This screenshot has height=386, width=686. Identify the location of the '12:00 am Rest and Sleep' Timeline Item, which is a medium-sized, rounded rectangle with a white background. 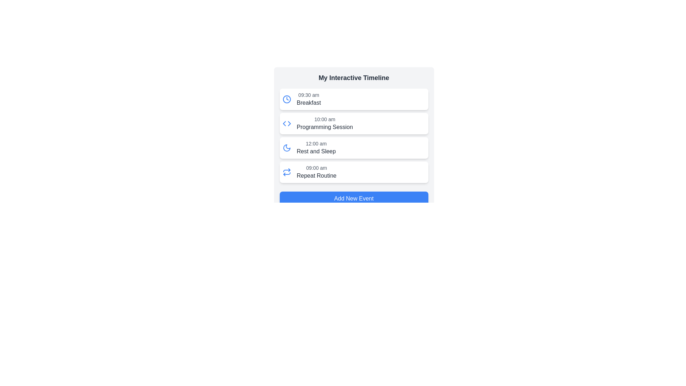
(354, 139).